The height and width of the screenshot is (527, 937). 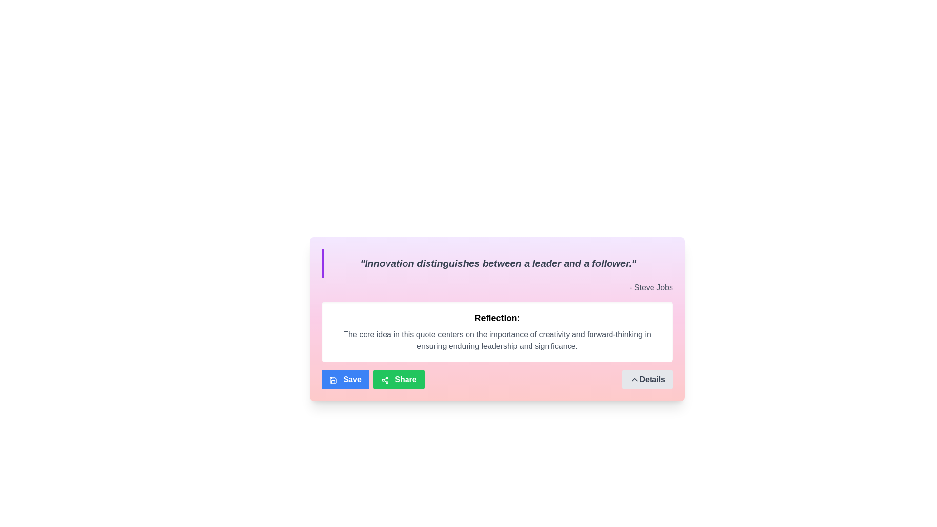 I want to click on the upward chevron icon that indicates the 'Details' button, located at the bottom-right corner of the main interface panel, so click(x=634, y=379).